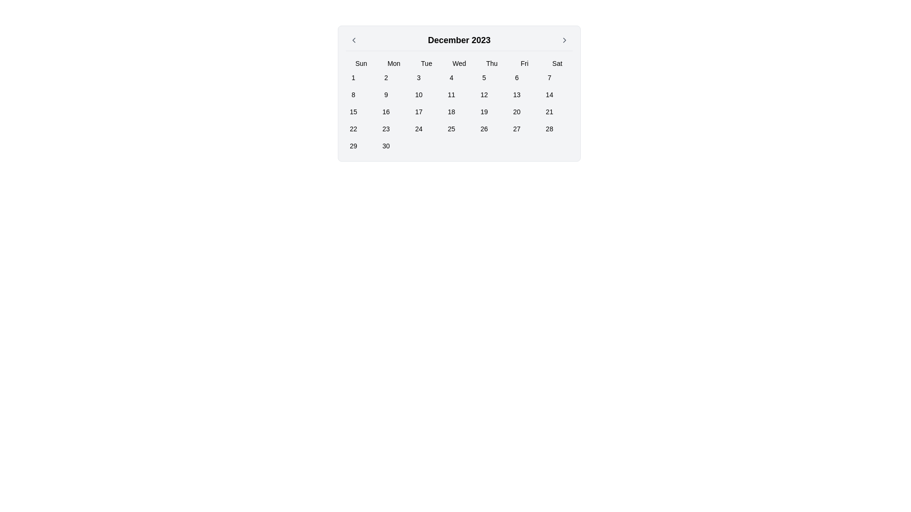 The width and height of the screenshot is (911, 512). What do you see at coordinates (418, 111) in the screenshot?
I see `the small square button with the text '17' centered in it` at bounding box center [418, 111].